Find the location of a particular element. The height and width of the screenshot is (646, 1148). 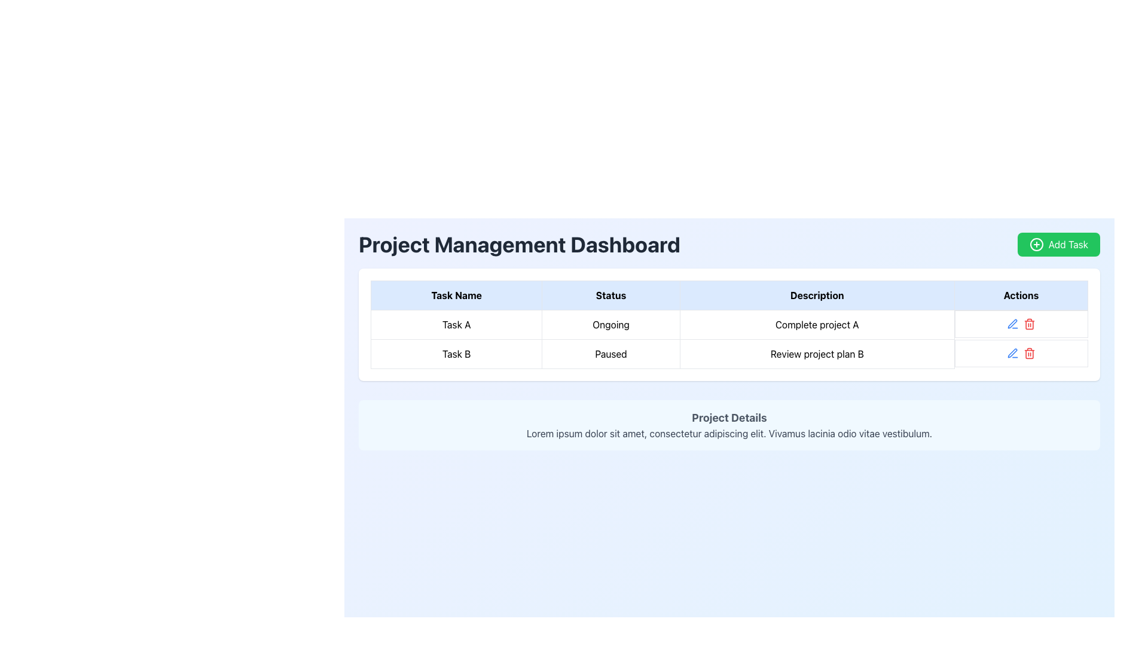

the static text label 'Task Name', which is styled with padding and a border, serving as the header for a column in a grid layout is located at coordinates (456, 295).